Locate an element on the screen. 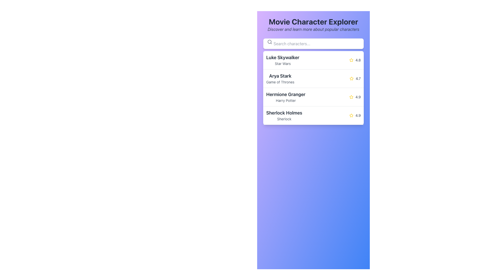  the list item displaying 'Sherlock Holmes' with a rating score of '4.9' is located at coordinates (313, 115).